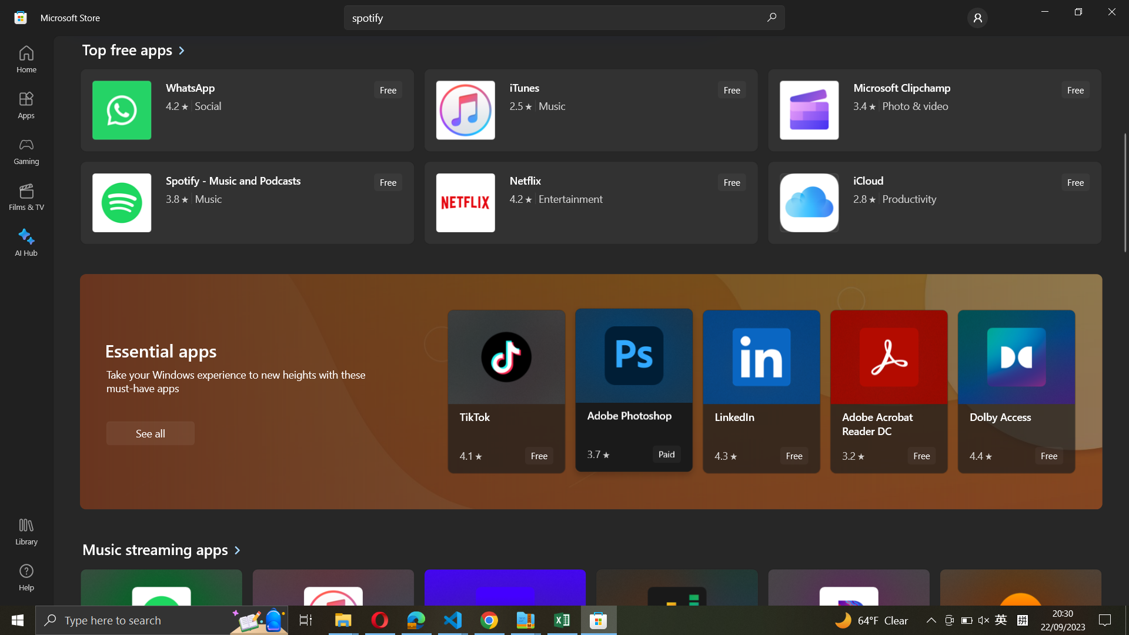  I want to click on Commence Help Option, so click(26, 576).